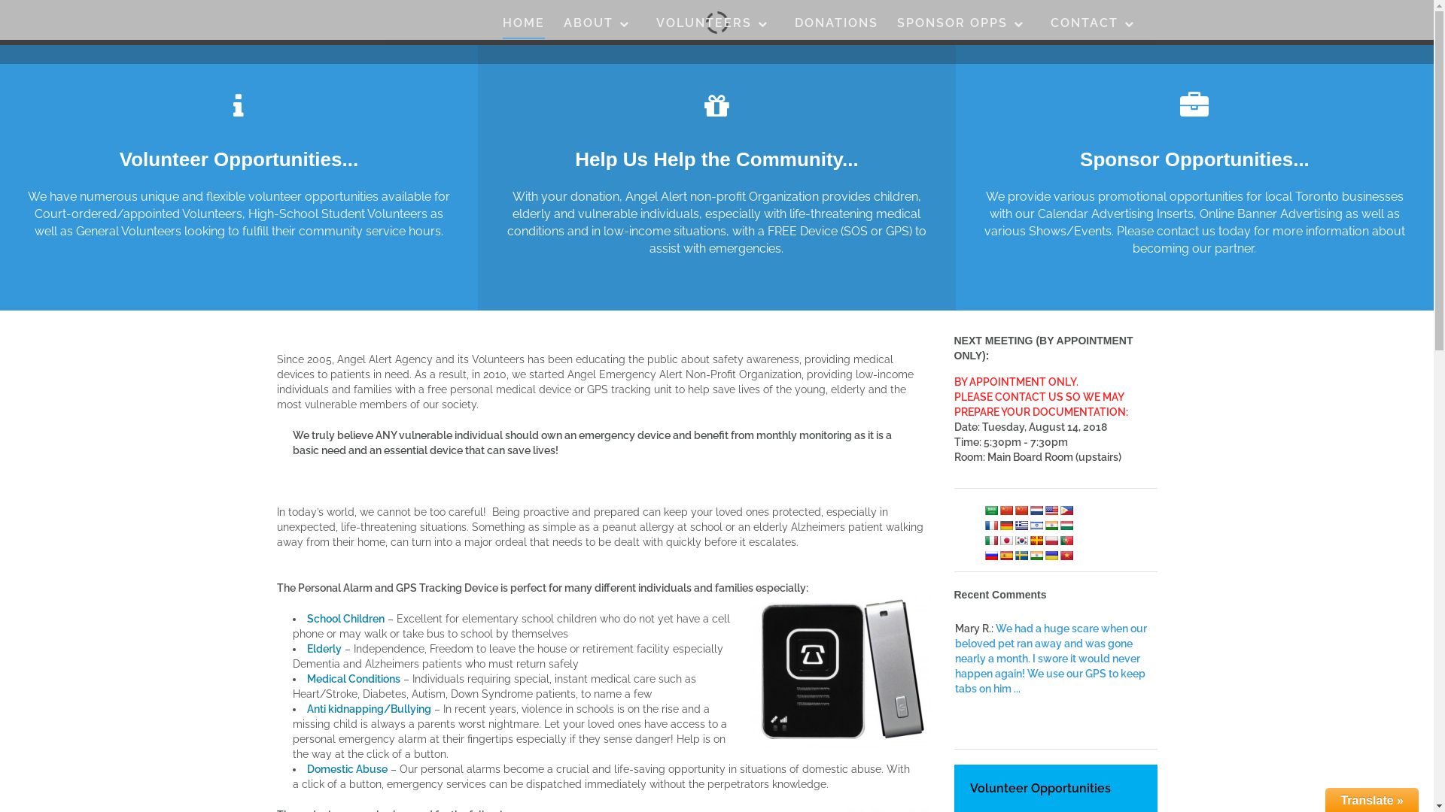 The width and height of the screenshot is (1445, 812). I want to click on 'Hindi', so click(1050, 524).